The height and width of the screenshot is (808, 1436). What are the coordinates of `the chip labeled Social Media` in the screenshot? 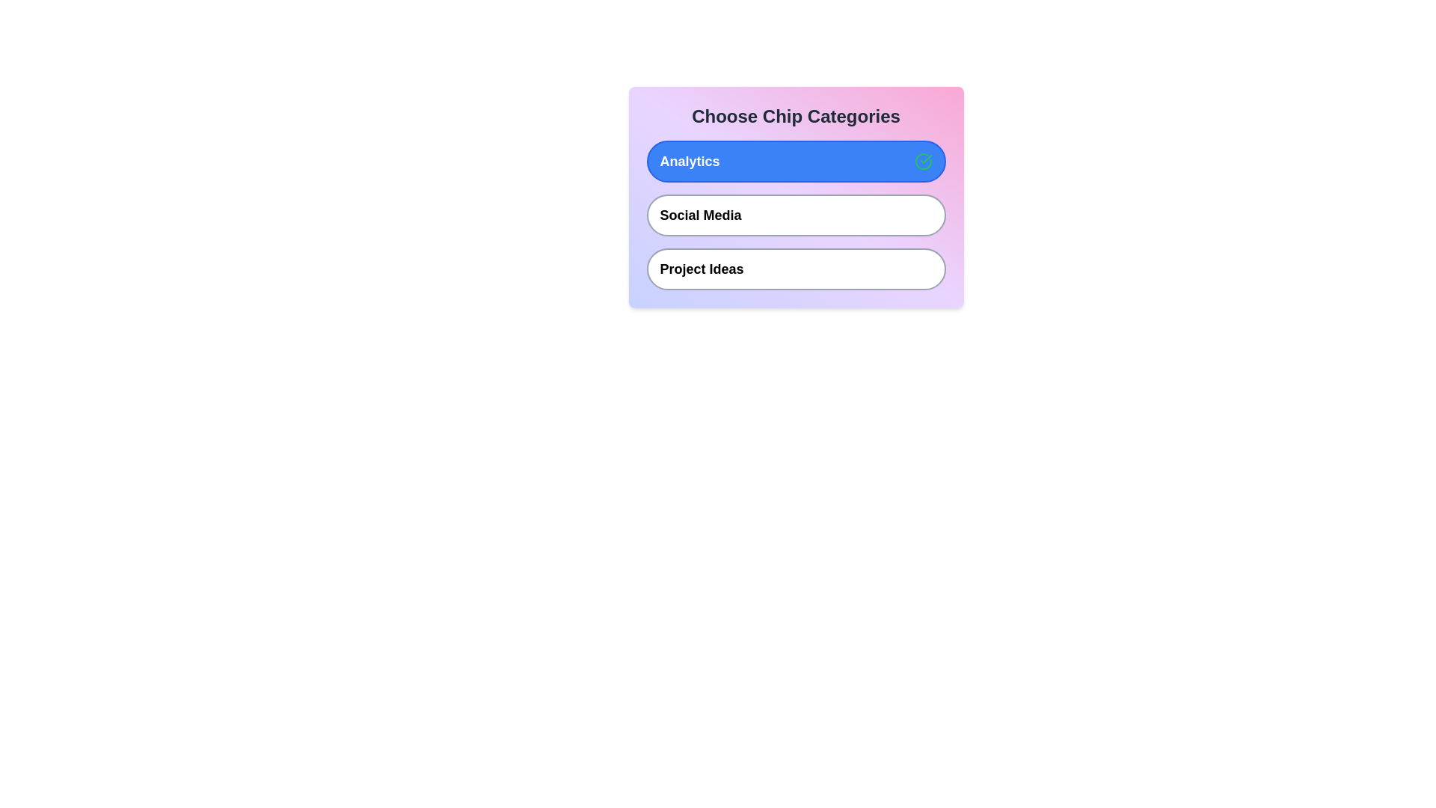 It's located at (795, 215).